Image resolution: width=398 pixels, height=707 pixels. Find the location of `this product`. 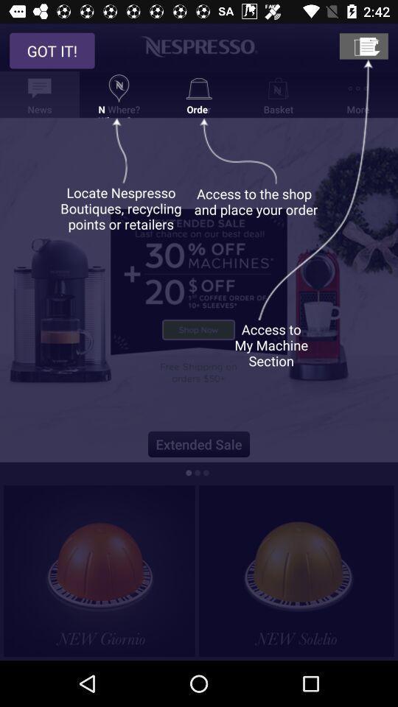

this product is located at coordinates (296, 570).